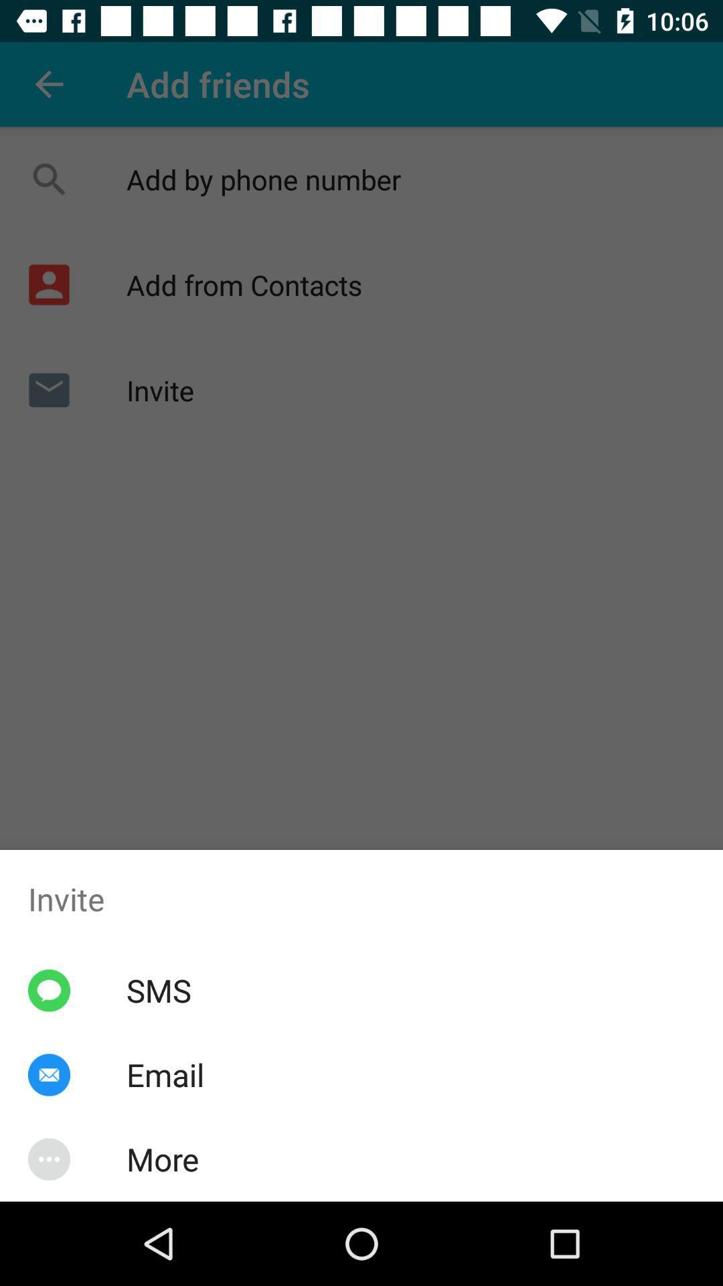  What do you see at coordinates (361, 600) in the screenshot?
I see `the item at the center` at bounding box center [361, 600].